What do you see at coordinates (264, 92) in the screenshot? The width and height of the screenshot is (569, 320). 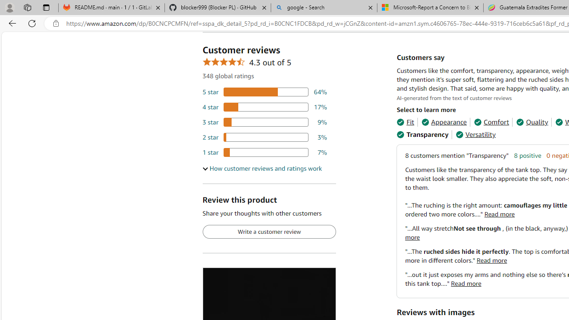 I see `'64 percent of reviews have 5 stars'` at bounding box center [264, 92].